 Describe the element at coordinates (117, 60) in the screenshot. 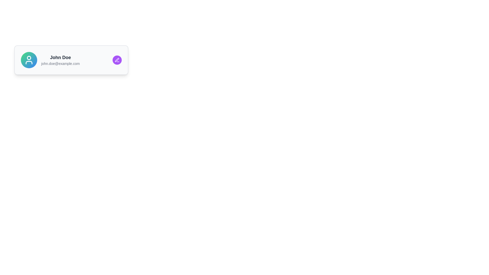

I see `the pen icon with a purple background located at the far right of the user information card` at that location.